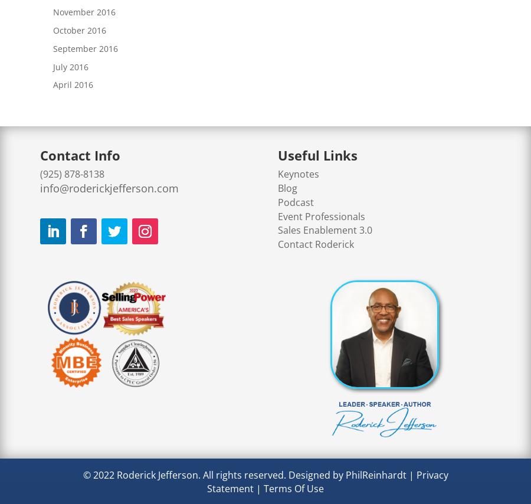 The height and width of the screenshot is (504, 531). What do you see at coordinates (321, 216) in the screenshot?
I see `'Event Professionals'` at bounding box center [321, 216].